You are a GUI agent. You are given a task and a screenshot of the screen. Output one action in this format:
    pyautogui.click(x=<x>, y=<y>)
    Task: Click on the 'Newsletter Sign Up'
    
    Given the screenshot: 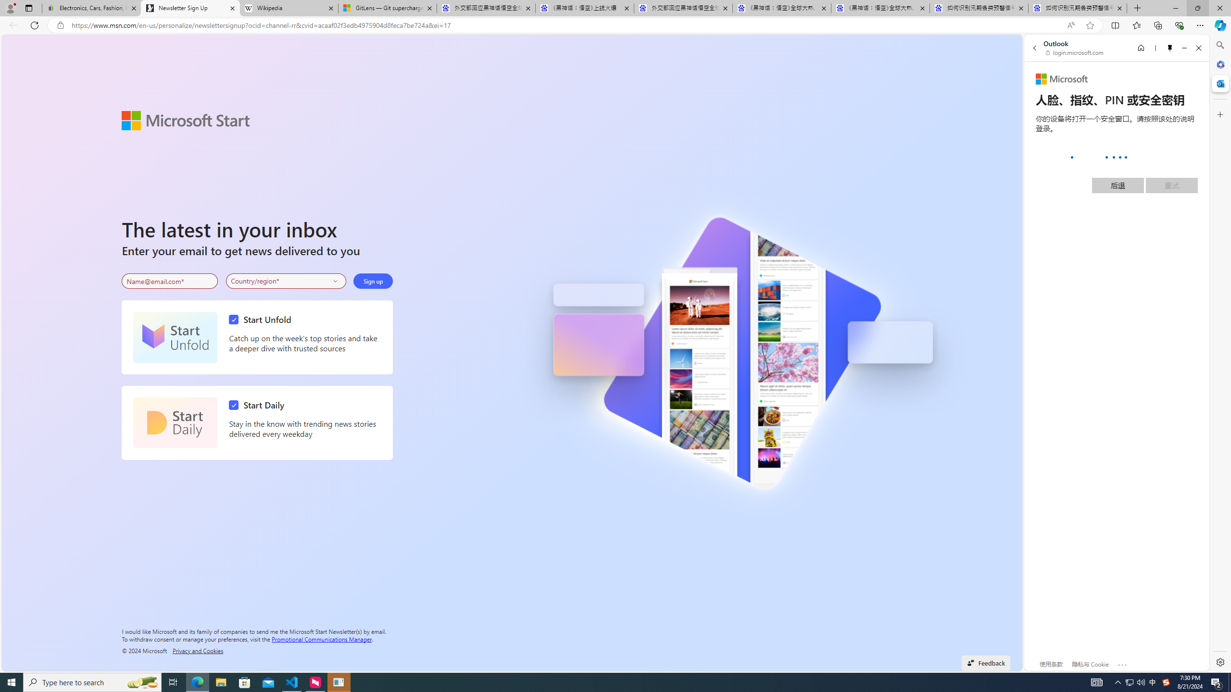 What is the action you would take?
    pyautogui.click(x=190, y=8)
    